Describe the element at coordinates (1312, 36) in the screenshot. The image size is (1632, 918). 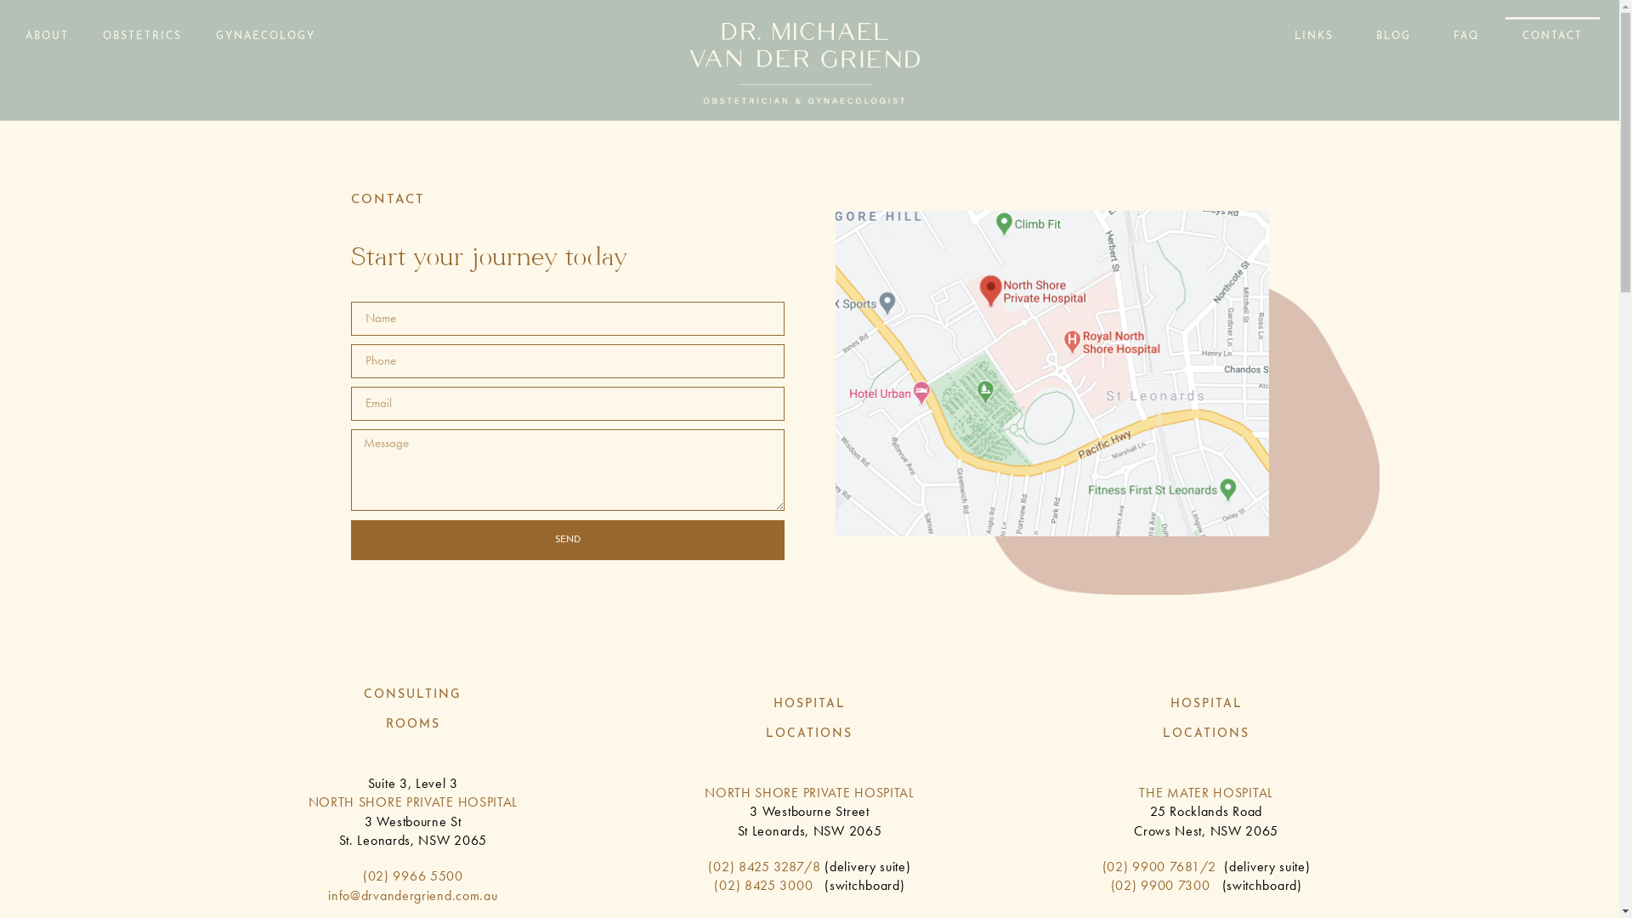
I see `'LINKS'` at that location.